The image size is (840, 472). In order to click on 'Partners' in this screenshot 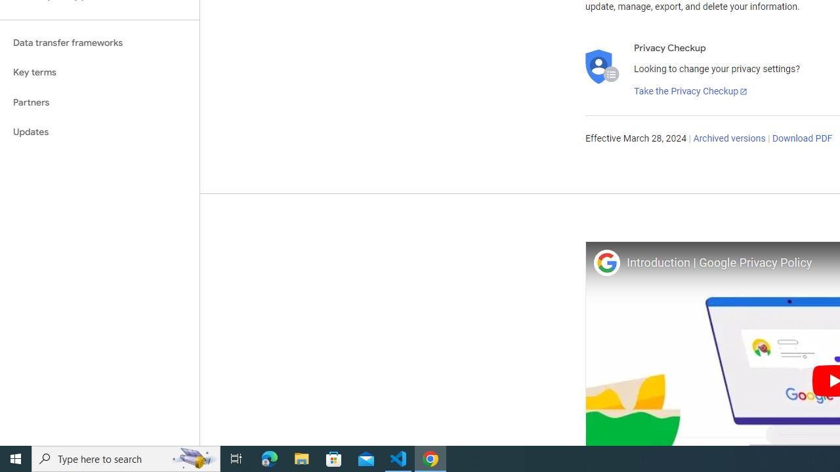, I will do `click(99, 102)`.